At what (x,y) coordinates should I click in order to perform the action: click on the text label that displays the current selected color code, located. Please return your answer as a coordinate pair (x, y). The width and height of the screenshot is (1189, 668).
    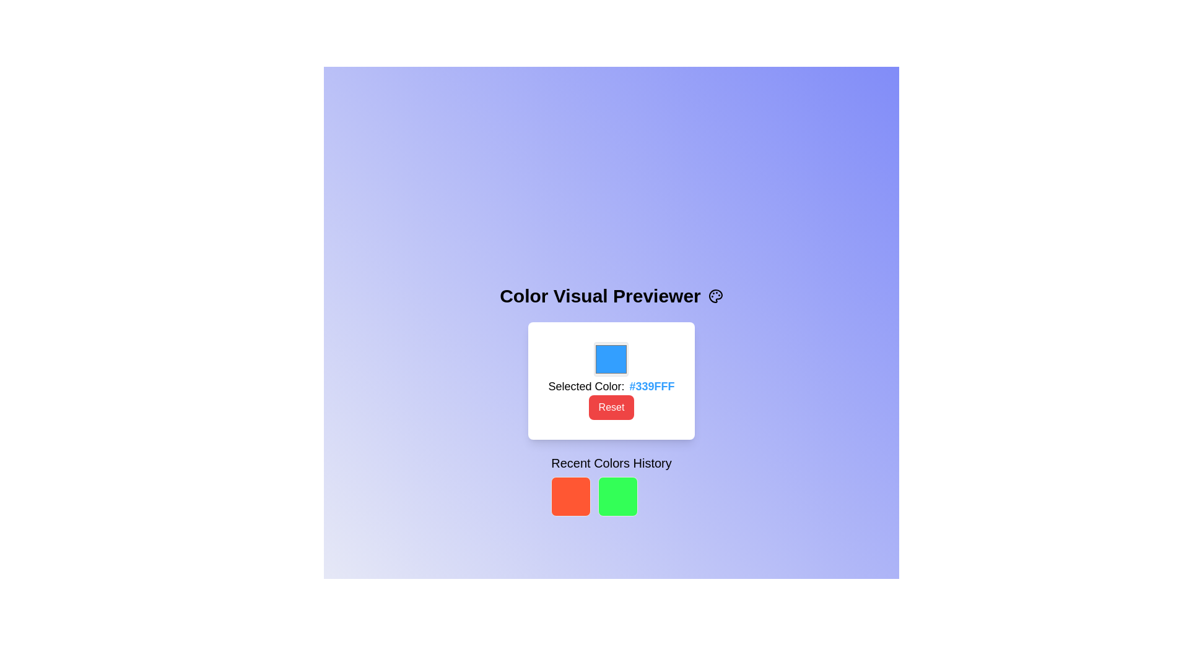
    Looking at the image, I should click on (651, 385).